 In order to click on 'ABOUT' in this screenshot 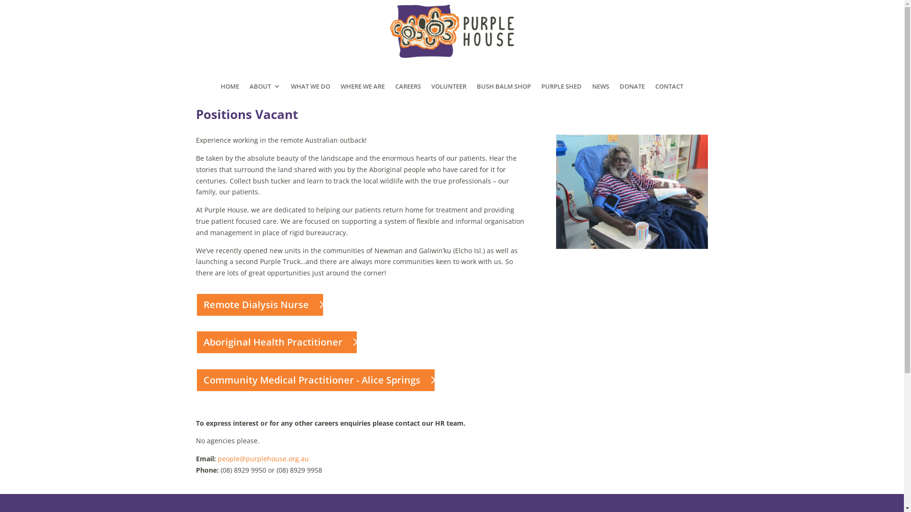, I will do `click(265, 93)`.